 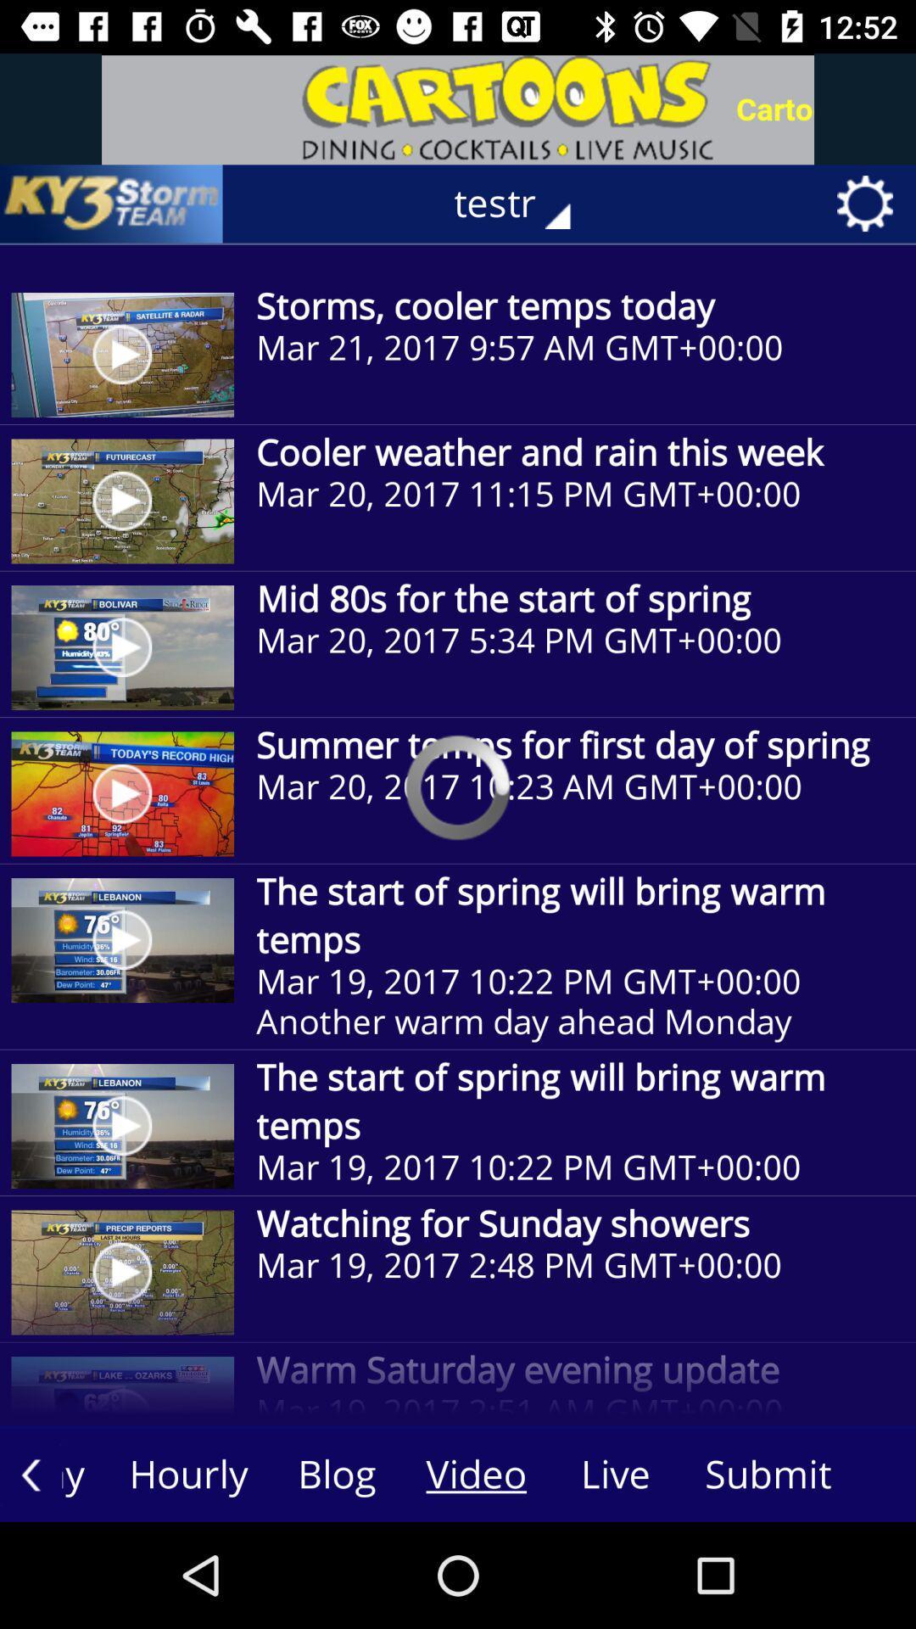 What do you see at coordinates (122, 647) in the screenshot?
I see `the third image from the left top of the page` at bounding box center [122, 647].